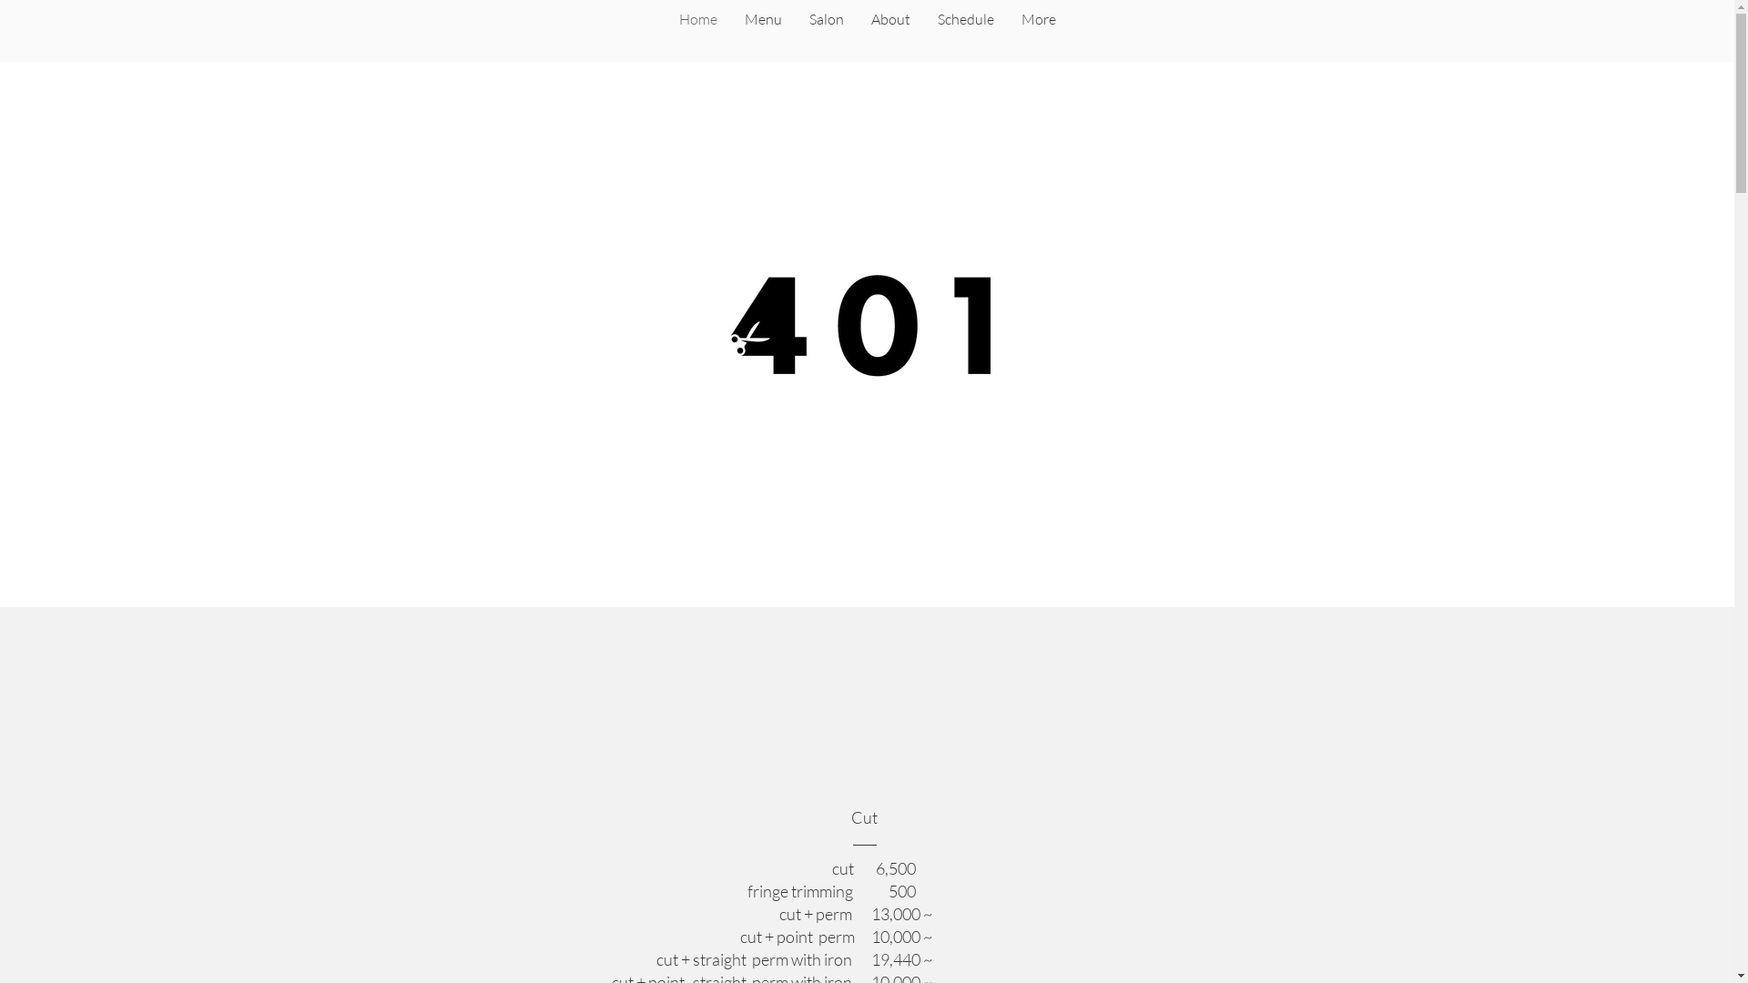  Describe the element at coordinates (825, 31) in the screenshot. I see `'Salon'` at that location.